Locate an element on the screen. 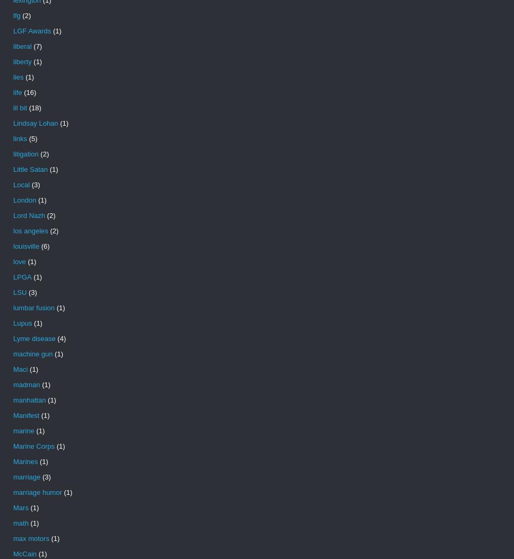  'manhattan' is located at coordinates (29, 400).